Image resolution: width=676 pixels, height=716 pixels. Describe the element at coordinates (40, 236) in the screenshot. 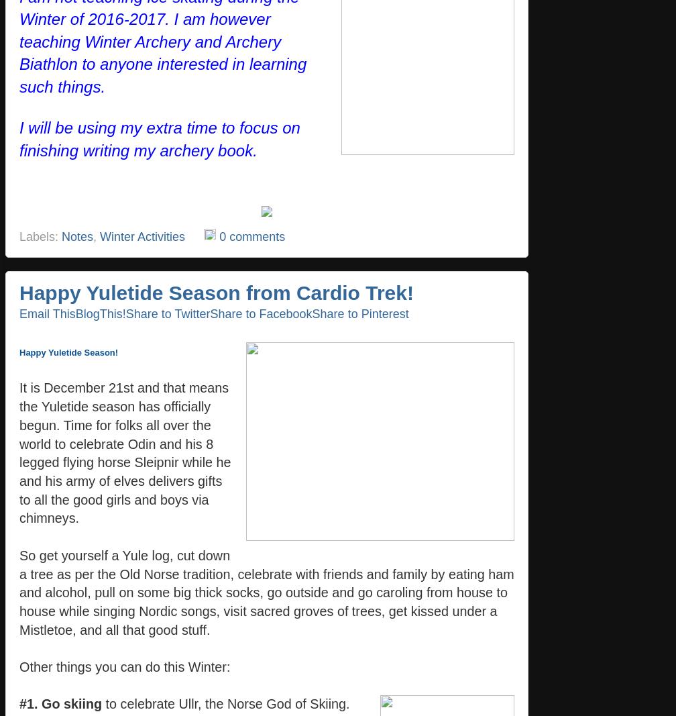

I see `'Labels:'` at that location.